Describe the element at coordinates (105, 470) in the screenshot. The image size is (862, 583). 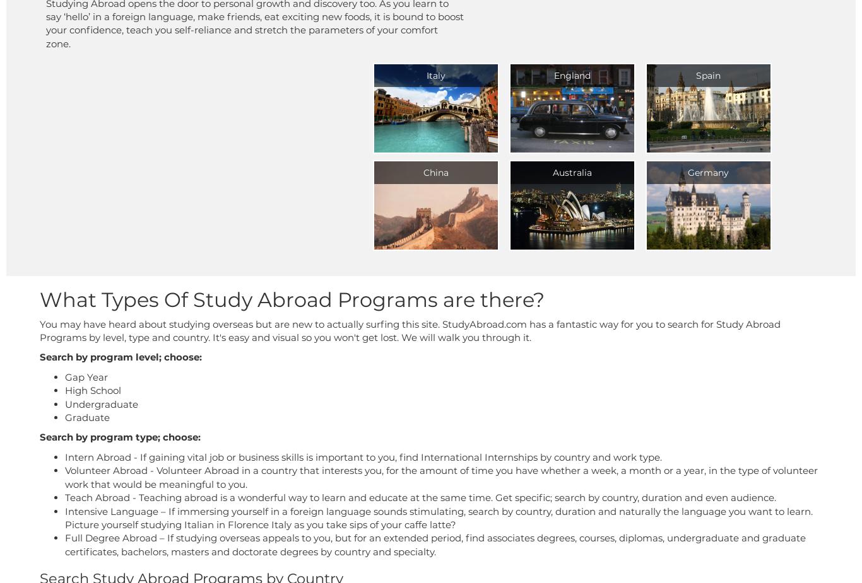
I see `'Volunteer Abroad'` at that location.